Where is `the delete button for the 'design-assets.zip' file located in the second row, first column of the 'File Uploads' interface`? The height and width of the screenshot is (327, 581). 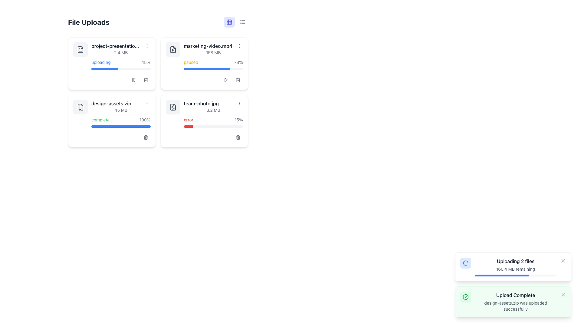
the delete button for the 'design-assets.zip' file located in the second row, first column of the 'File Uploads' interface is located at coordinates (146, 137).